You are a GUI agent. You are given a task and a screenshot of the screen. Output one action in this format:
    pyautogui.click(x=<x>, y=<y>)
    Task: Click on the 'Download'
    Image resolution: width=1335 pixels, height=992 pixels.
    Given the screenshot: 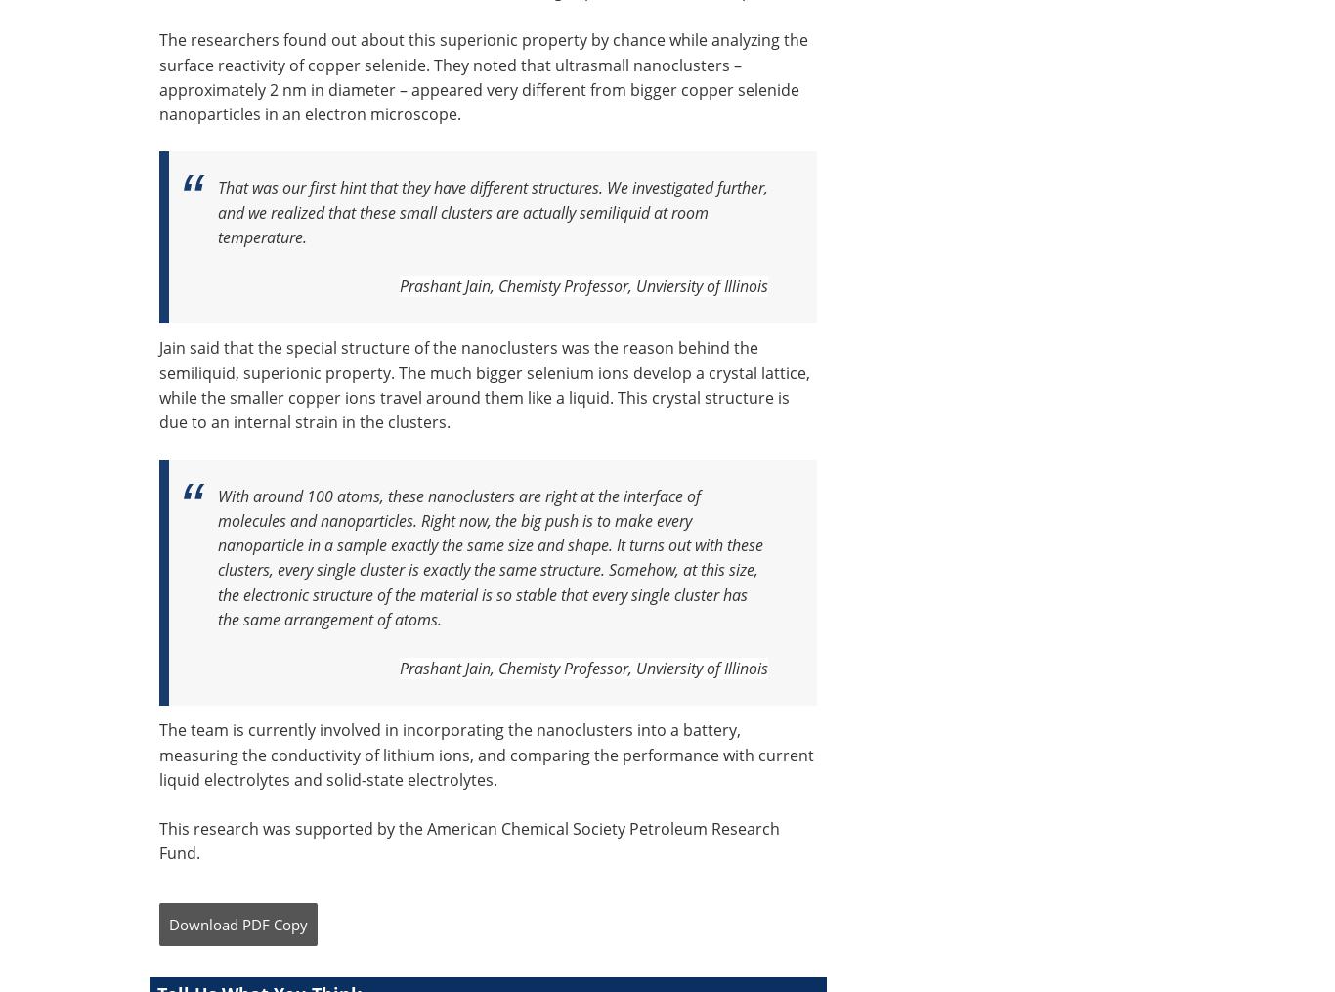 What is the action you would take?
    pyautogui.click(x=202, y=923)
    